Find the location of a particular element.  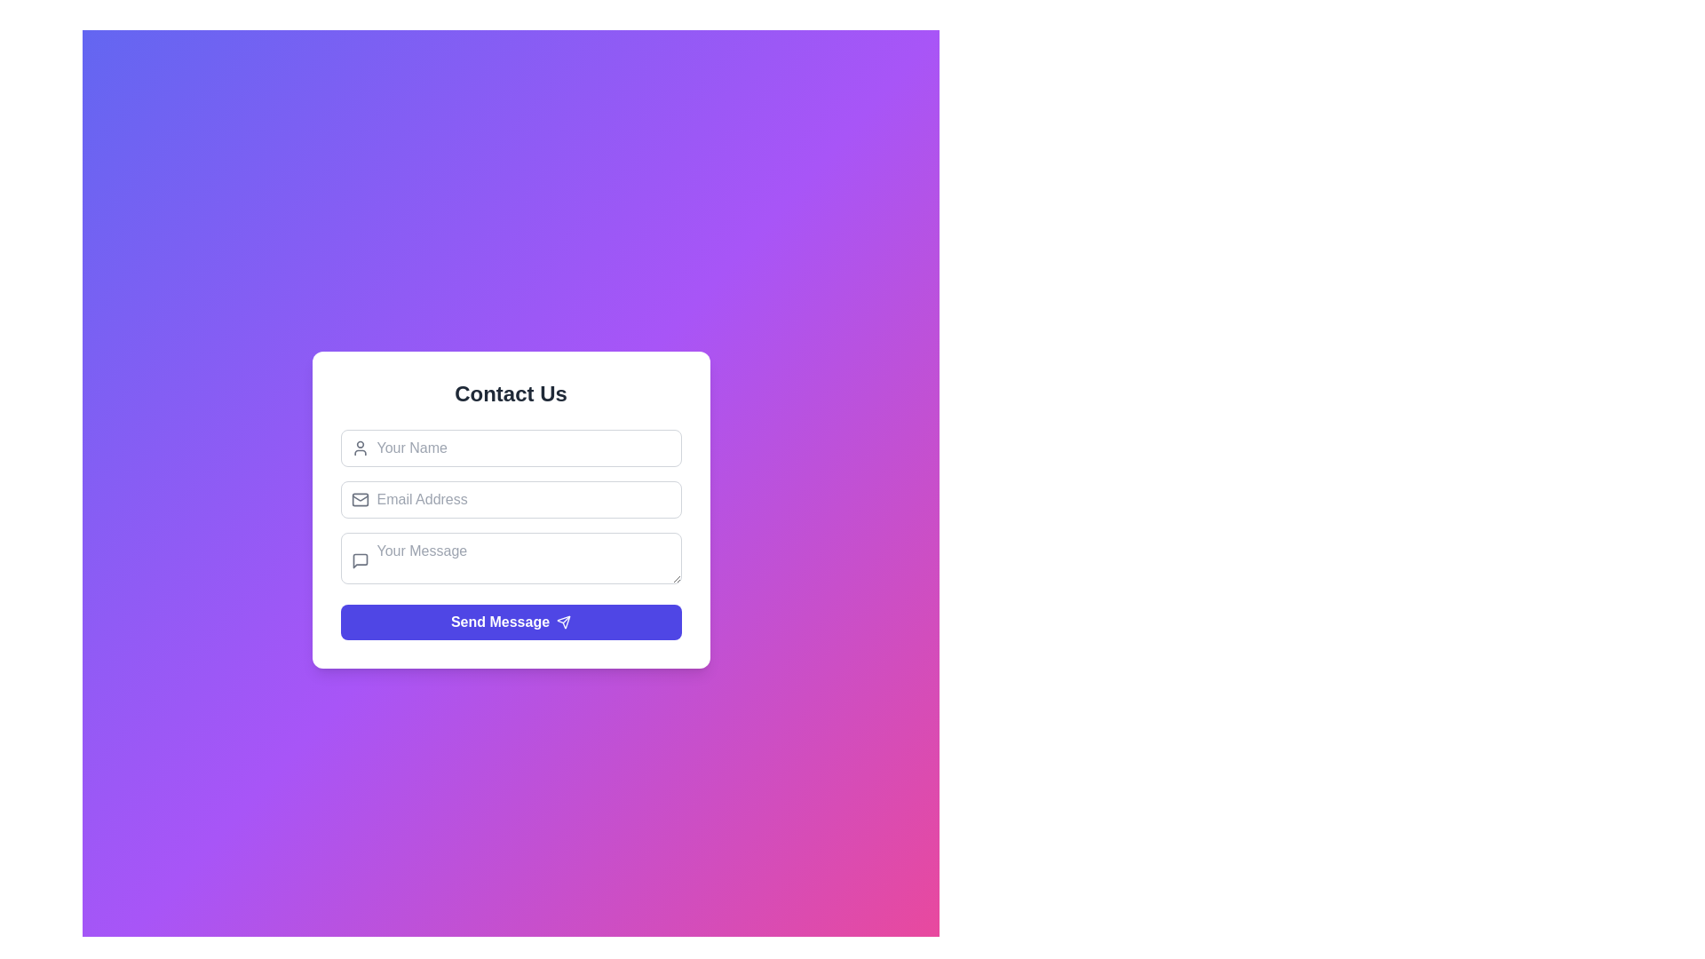

the blue 'Send Message' button, which contains a white paper airplane icon is located at coordinates (563, 622).